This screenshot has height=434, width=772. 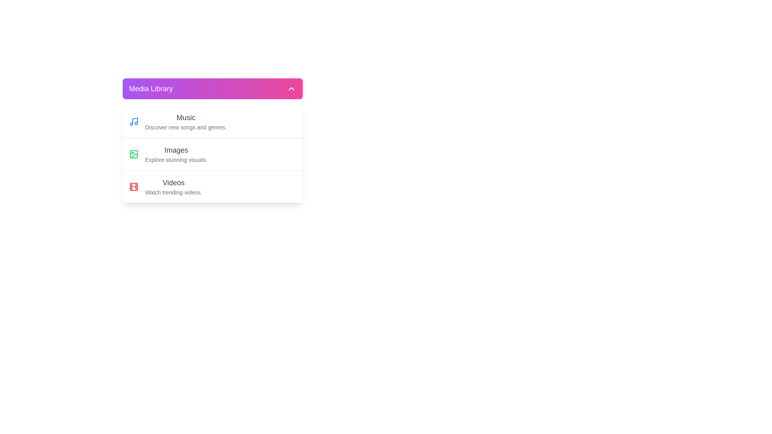 I want to click on the label that serves as the title for the videos section in the Media Library, which is positioned last in the vertical layout below 'Images', so click(x=173, y=183).